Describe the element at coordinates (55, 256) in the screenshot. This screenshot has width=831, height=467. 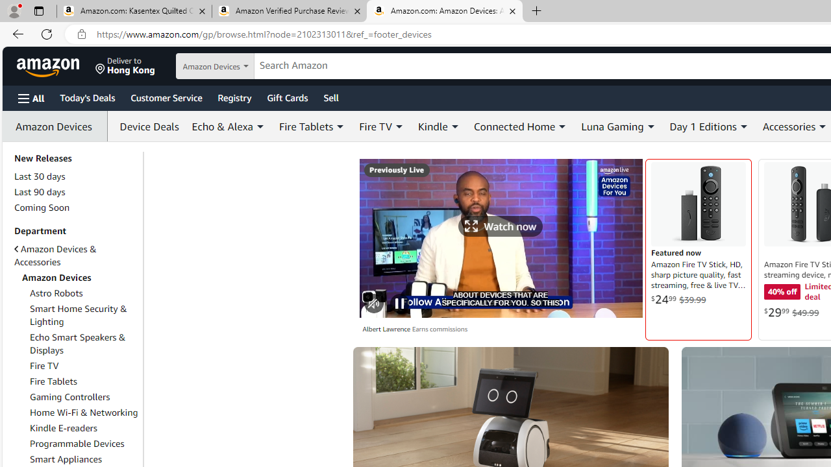
I see `'Amazon Devices & Accessories'` at that location.